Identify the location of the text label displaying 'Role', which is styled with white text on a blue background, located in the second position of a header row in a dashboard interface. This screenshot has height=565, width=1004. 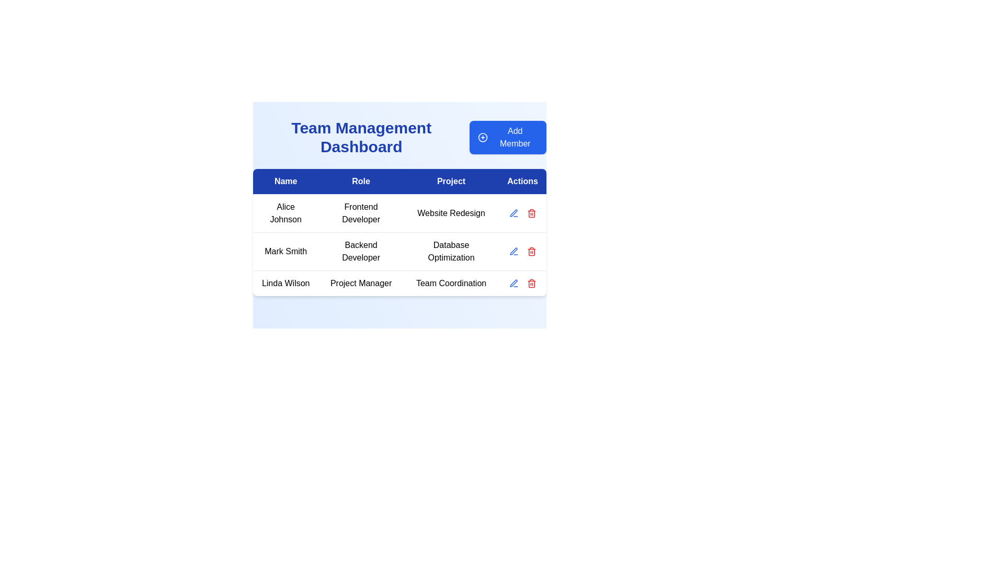
(361, 181).